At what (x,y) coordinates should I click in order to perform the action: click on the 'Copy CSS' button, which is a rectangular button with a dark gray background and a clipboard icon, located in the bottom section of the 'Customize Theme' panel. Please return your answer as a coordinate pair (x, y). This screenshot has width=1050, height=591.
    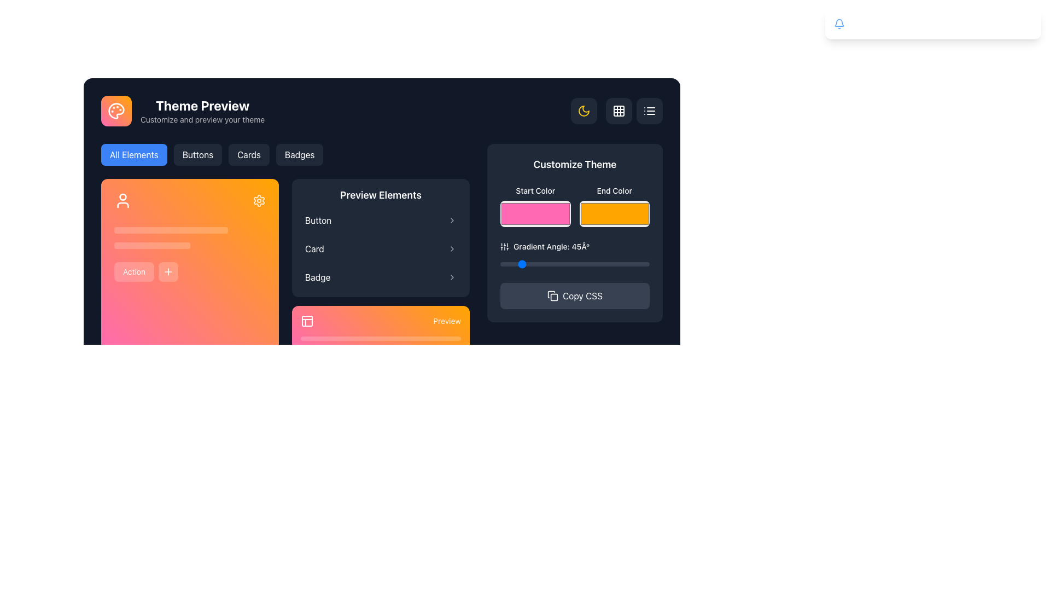
    Looking at the image, I should click on (574, 296).